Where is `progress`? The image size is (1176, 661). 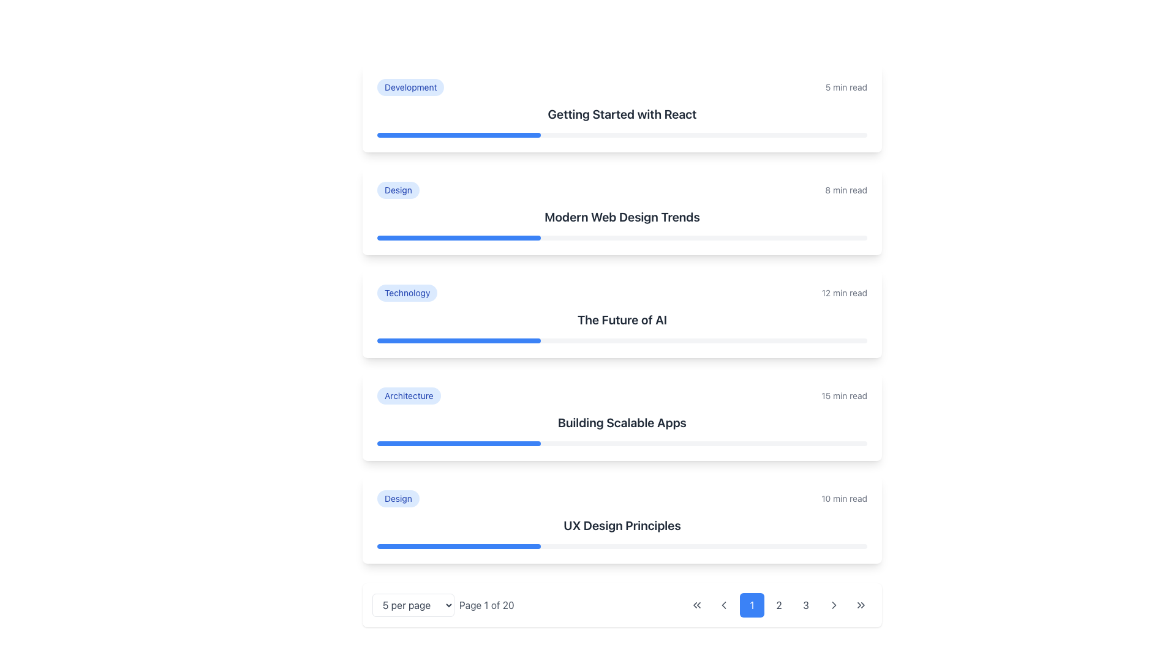
progress is located at coordinates (490, 238).